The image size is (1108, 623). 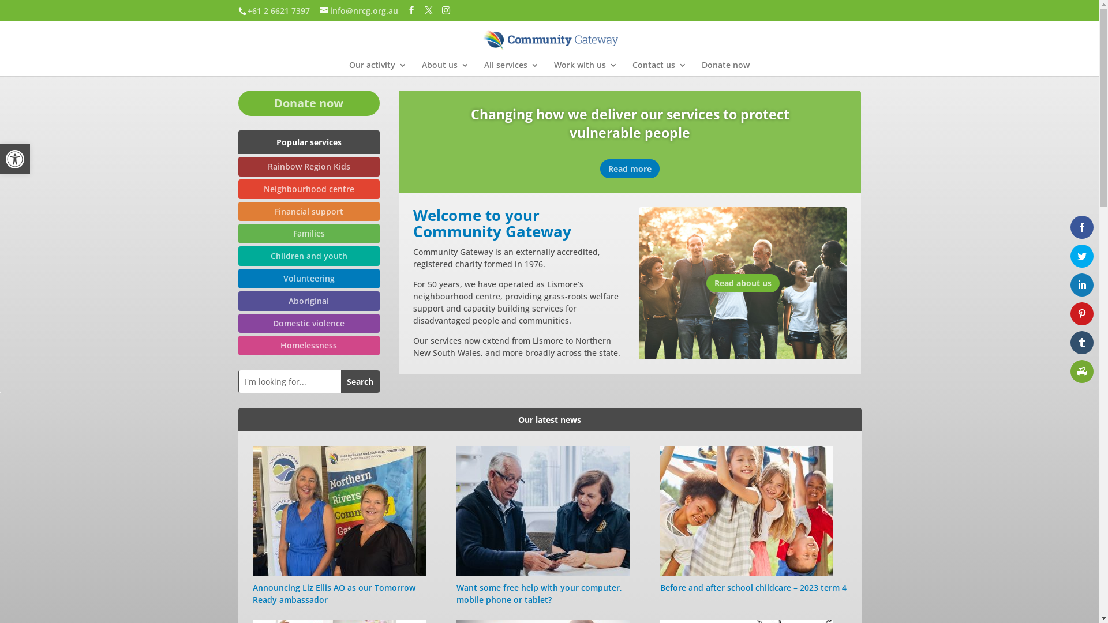 What do you see at coordinates (444, 69) in the screenshot?
I see `'About us'` at bounding box center [444, 69].